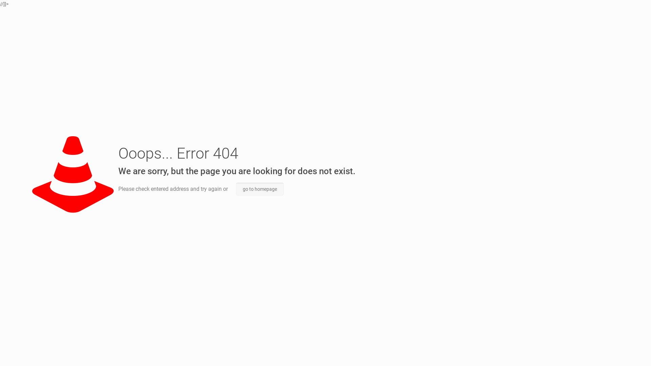  I want to click on 'go to homepage', so click(259, 189).